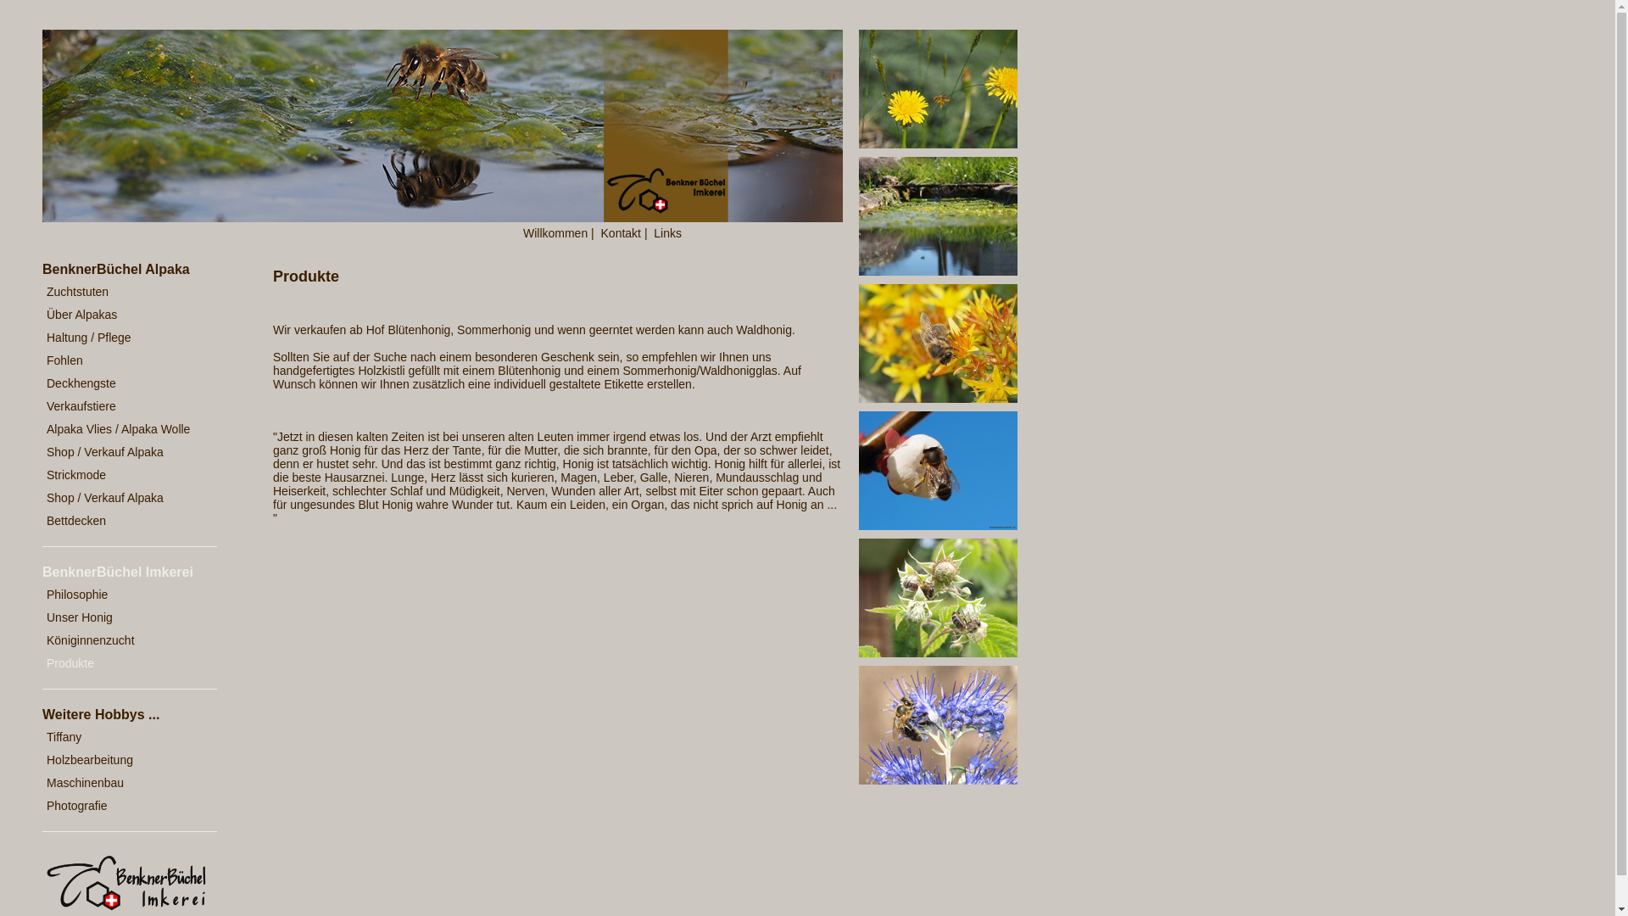 This screenshot has height=916, width=1628. Describe the element at coordinates (121, 291) in the screenshot. I see `'Zuchtstuten'` at that location.